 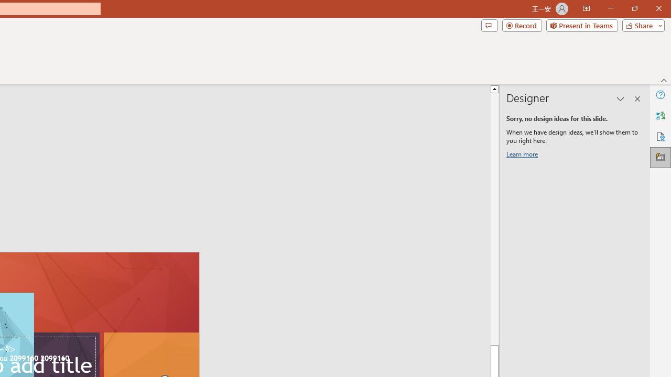 I want to click on 'Minimize', so click(x=610, y=8).